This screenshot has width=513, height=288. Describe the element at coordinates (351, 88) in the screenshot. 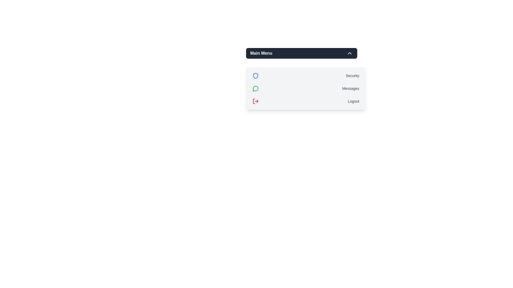

I see `the non-interactive 'Messages' label located in the menu section, positioned to the right of the speech bubble icon and aligned with the 'Logout' text below` at that location.